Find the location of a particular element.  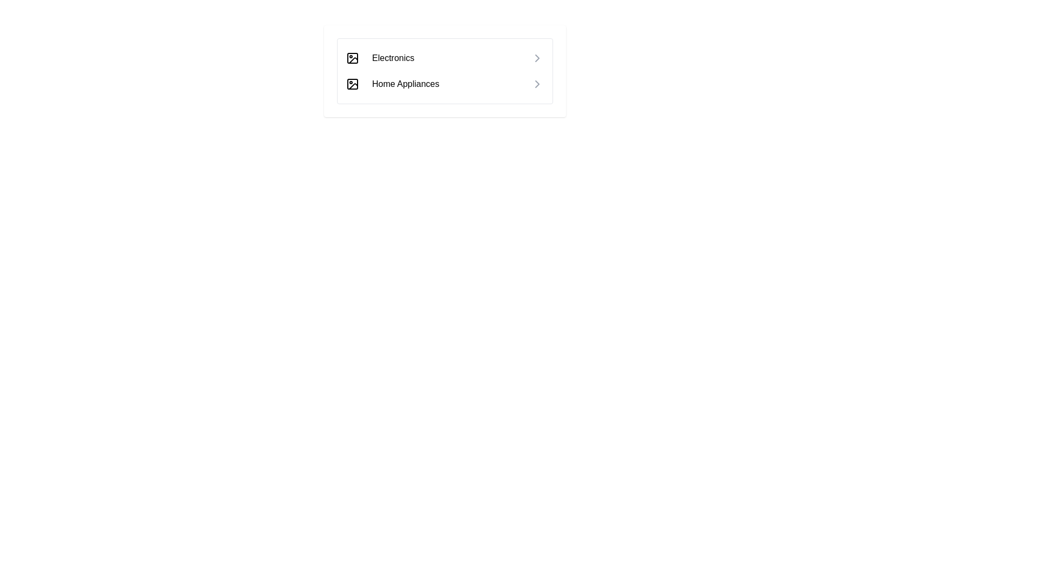

the icon representing an image-like symbol, which is outlined with rounded corners and contains a small circle and a diagonal line, located to the left of the 'Home Appliances' text in the second row of the menu list is located at coordinates (352, 83).